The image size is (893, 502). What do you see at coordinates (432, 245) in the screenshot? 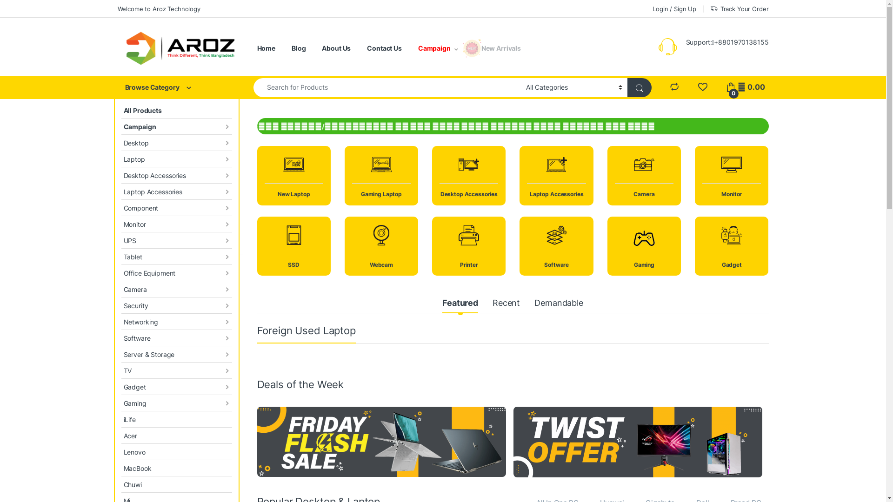
I see `'Printer'` at bounding box center [432, 245].